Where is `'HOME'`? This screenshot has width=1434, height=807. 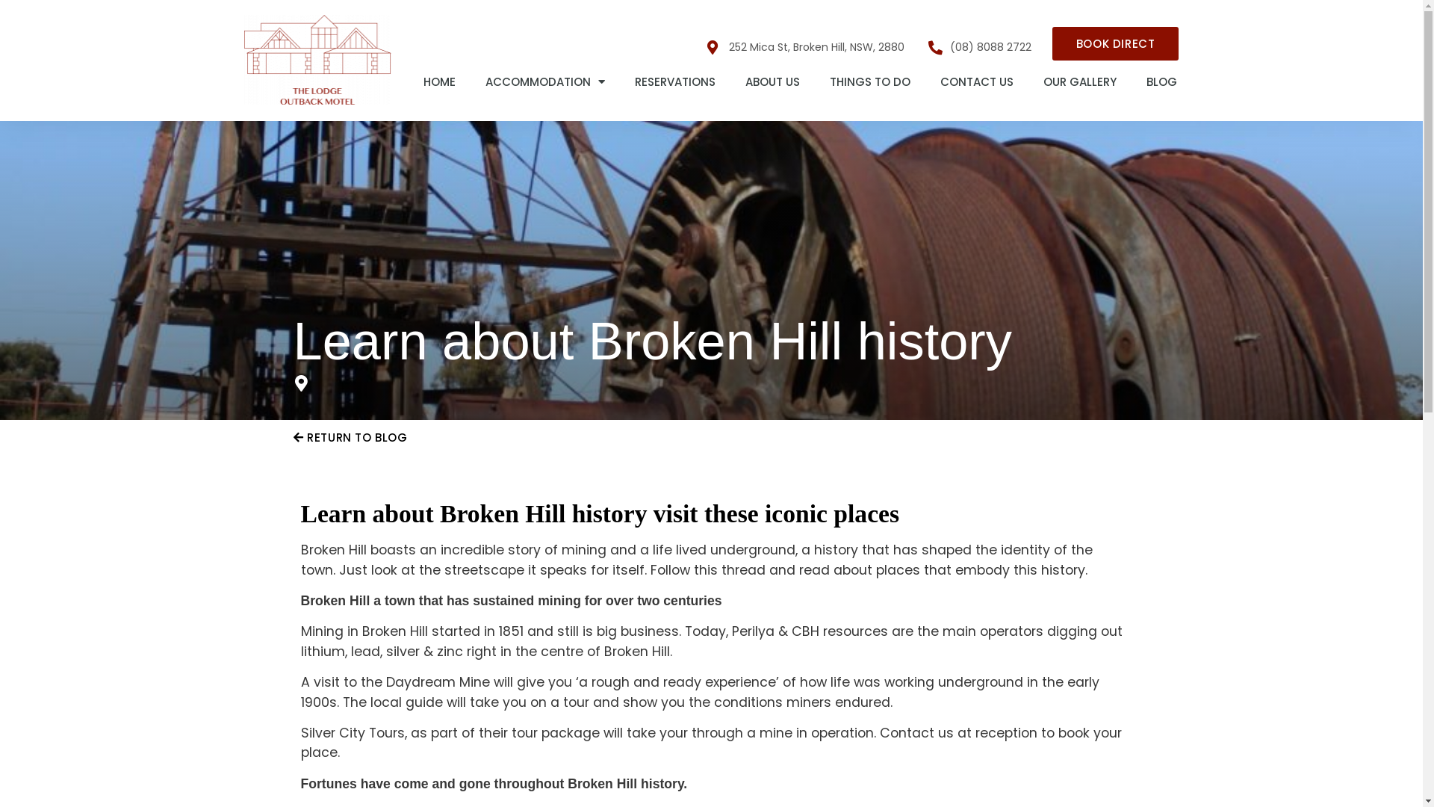
'HOME' is located at coordinates (438, 82).